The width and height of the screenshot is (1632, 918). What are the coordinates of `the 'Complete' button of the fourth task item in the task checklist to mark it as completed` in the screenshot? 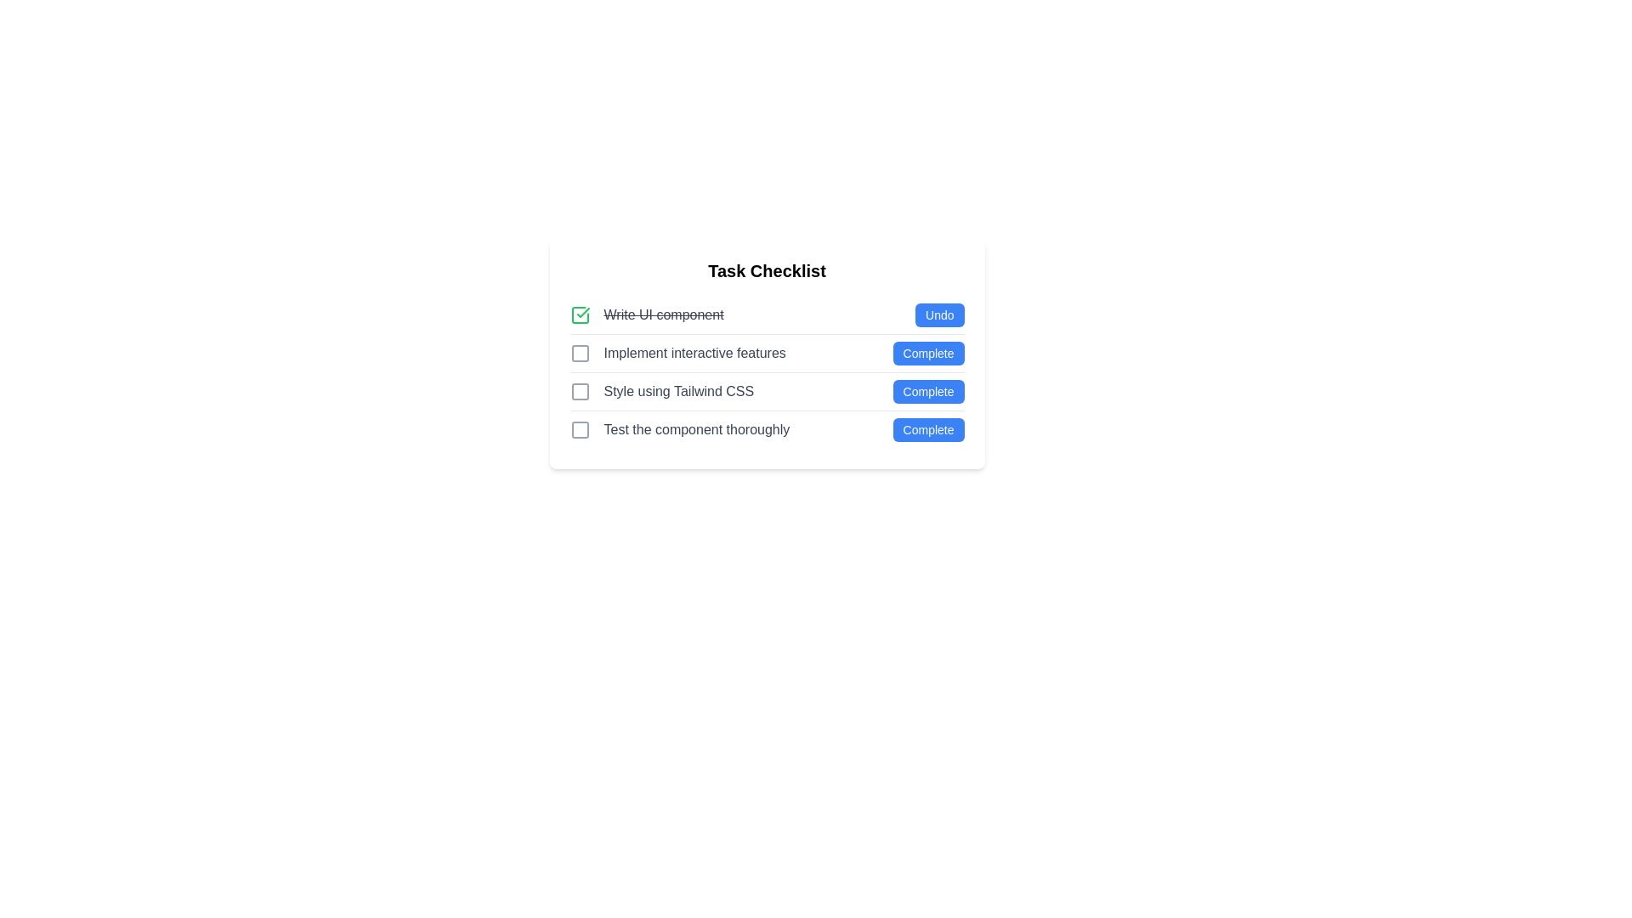 It's located at (766, 428).